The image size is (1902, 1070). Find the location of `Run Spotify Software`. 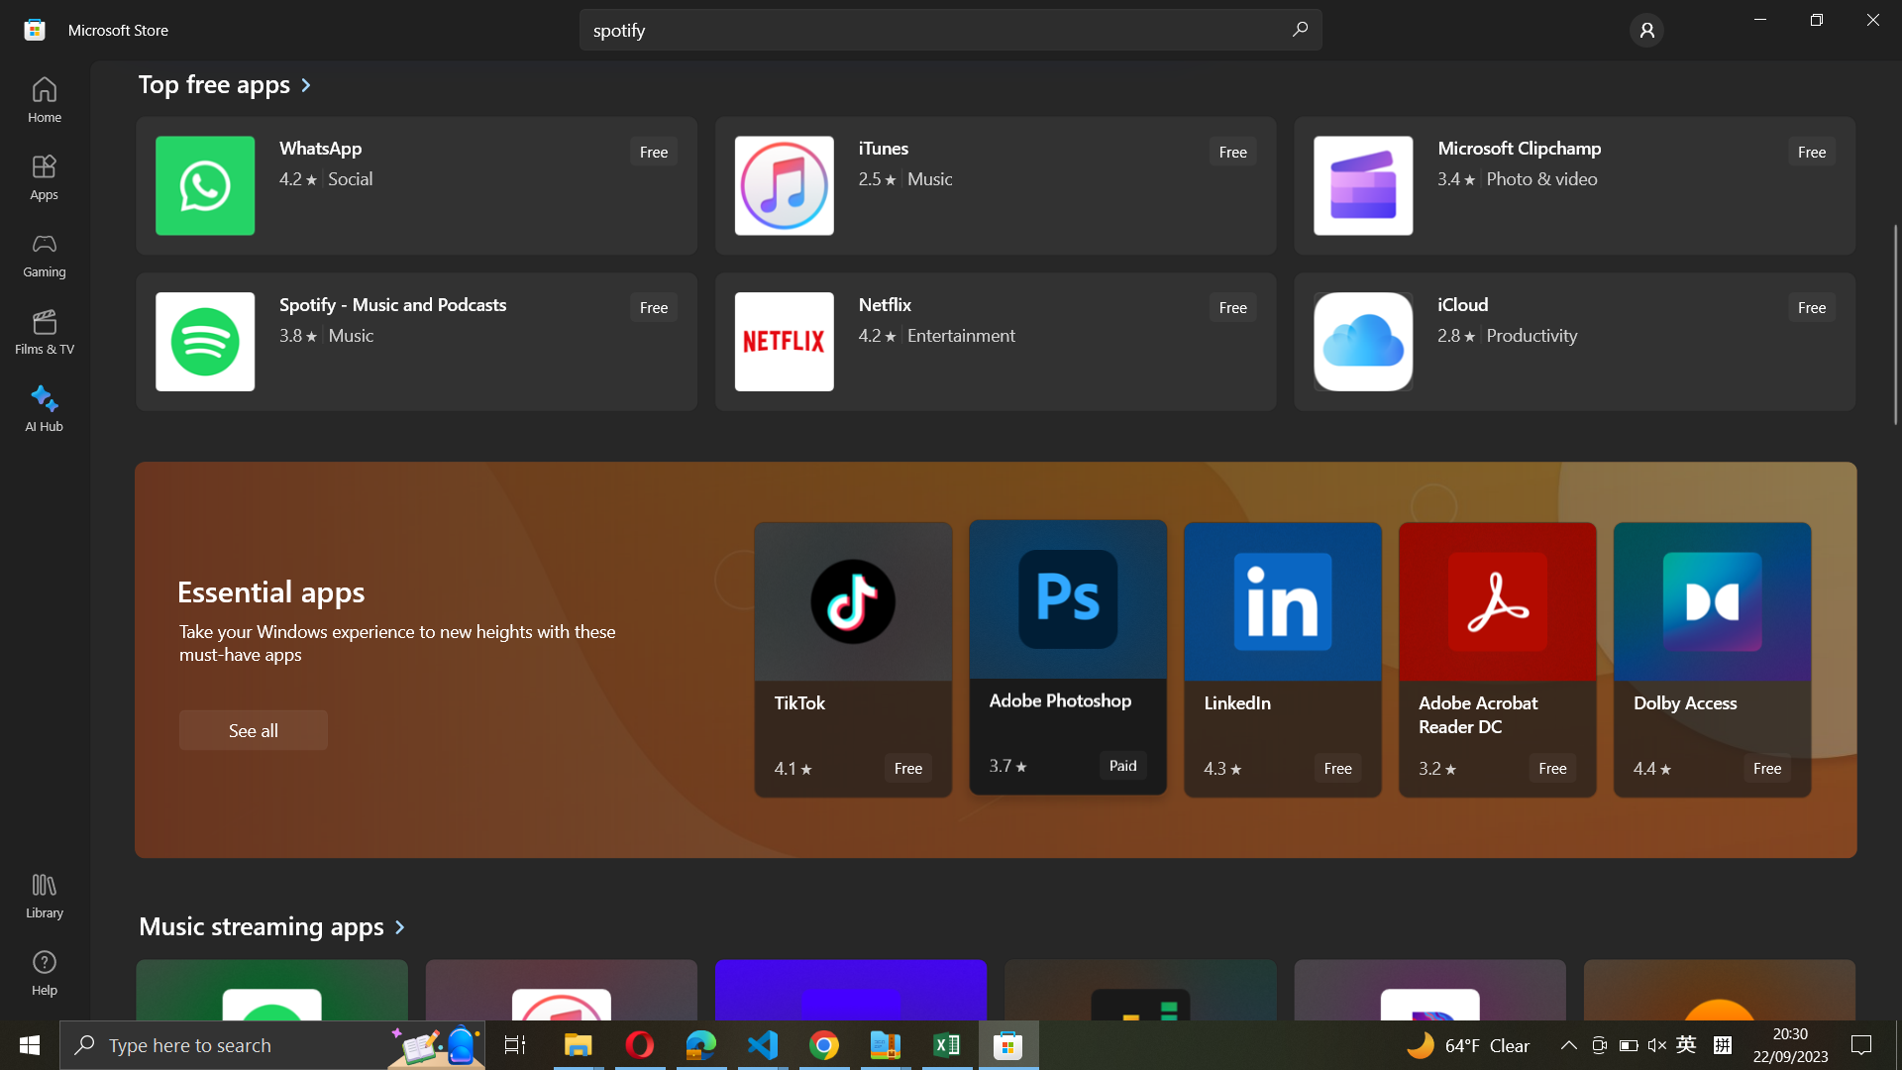

Run Spotify Software is located at coordinates (412, 339).